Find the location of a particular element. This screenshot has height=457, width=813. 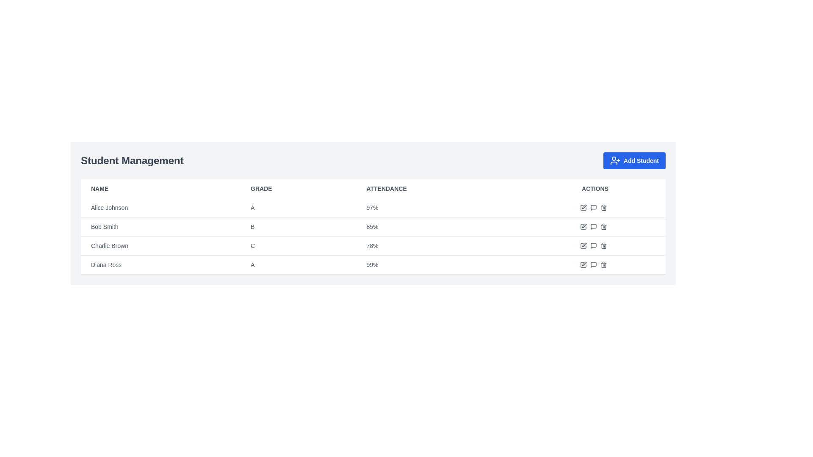

the editing icon located in the 'Actions' column of the second row of the table is located at coordinates (583, 226).